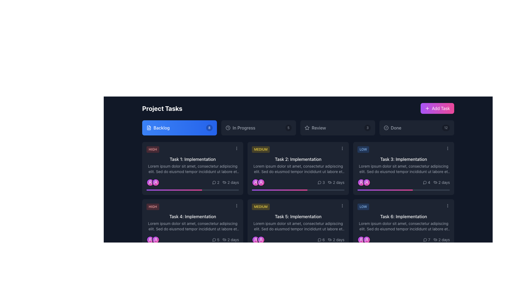 The width and height of the screenshot is (520, 292). What do you see at coordinates (425, 240) in the screenshot?
I see `the comment indicator icon located at the bottom right corner of the 'Task 6: Implementation' card, adjacent to the numerical label '7' and the time indicator '2 days'` at bounding box center [425, 240].